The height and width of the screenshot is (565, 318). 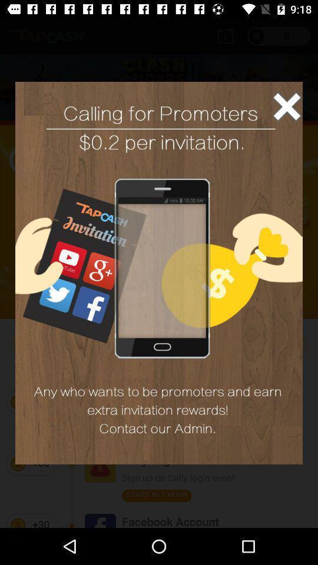 I want to click on tag, so click(x=286, y=107).